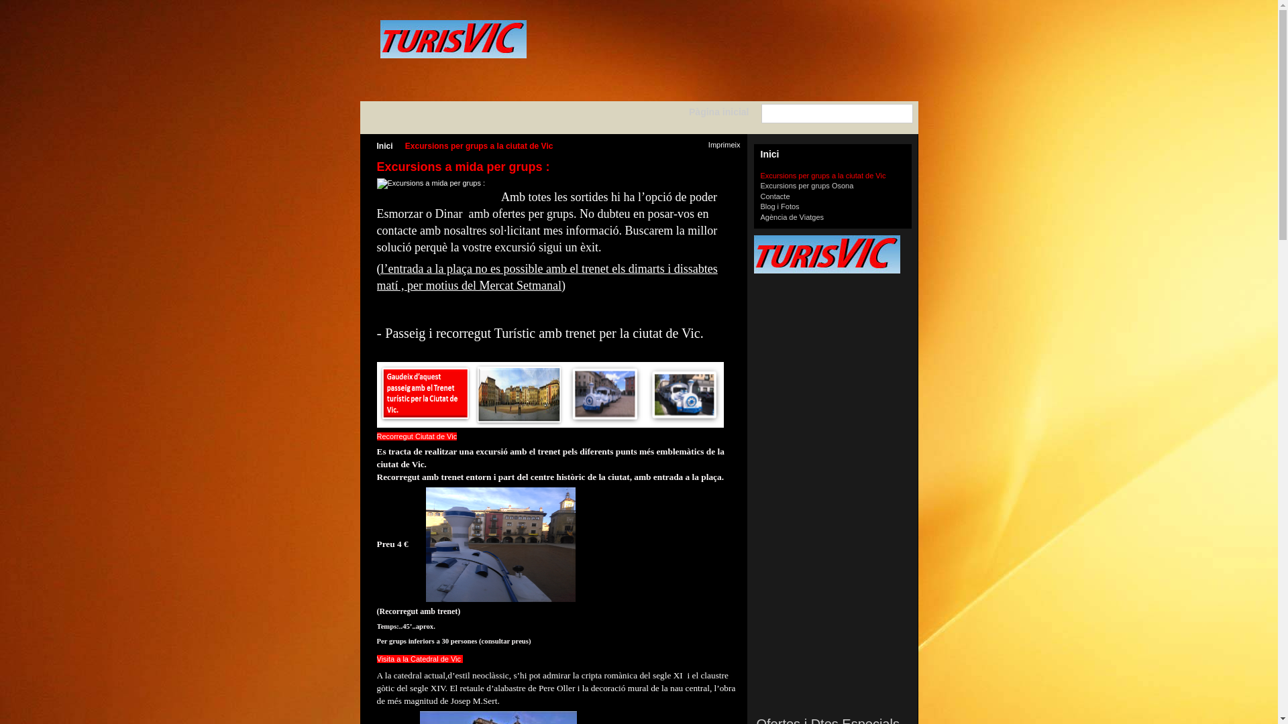  What do you see at coordinates (760, 186) in the screenshot?
I see `'Excursions per grups Osona'` at bounding box center [760, 186].